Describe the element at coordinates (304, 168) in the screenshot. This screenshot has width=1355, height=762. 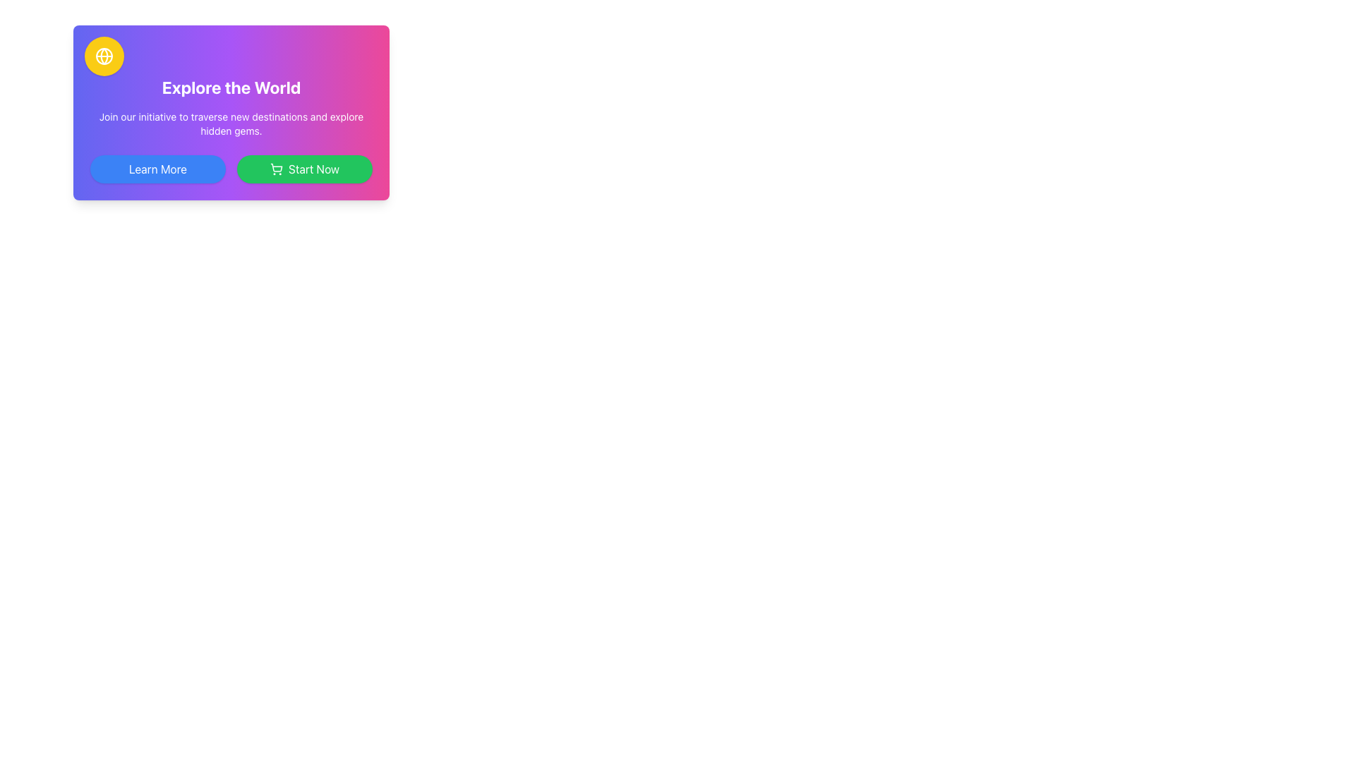
I see `the call-to-action button located in the right-hand column of a two-column grid layout to observe its hover effects` at that location.